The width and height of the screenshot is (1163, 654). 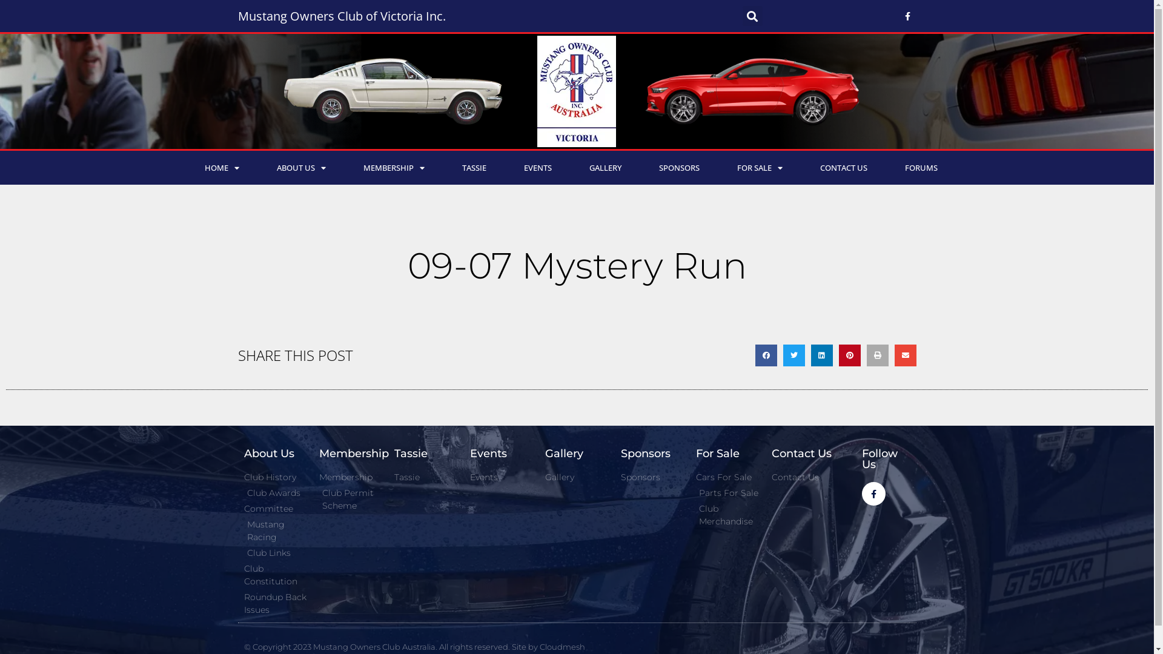 What do you see at coordinates (221, 168) in the screenshot?
I see `'HOME'` at bounding box center [221, 168].